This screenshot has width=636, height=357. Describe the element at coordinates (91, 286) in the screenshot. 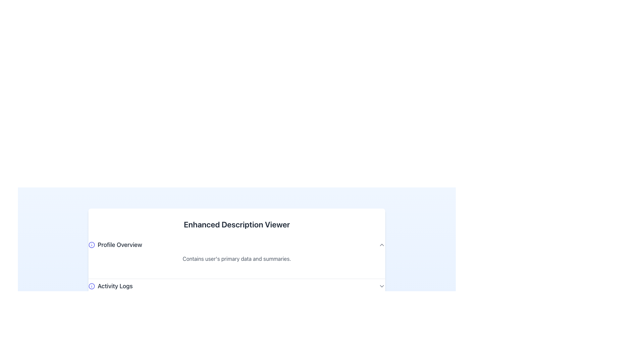

I see `the first SVG Circle element that serves as a graphical indicator adjacent to the 'Profile Overview' text label` at that location.